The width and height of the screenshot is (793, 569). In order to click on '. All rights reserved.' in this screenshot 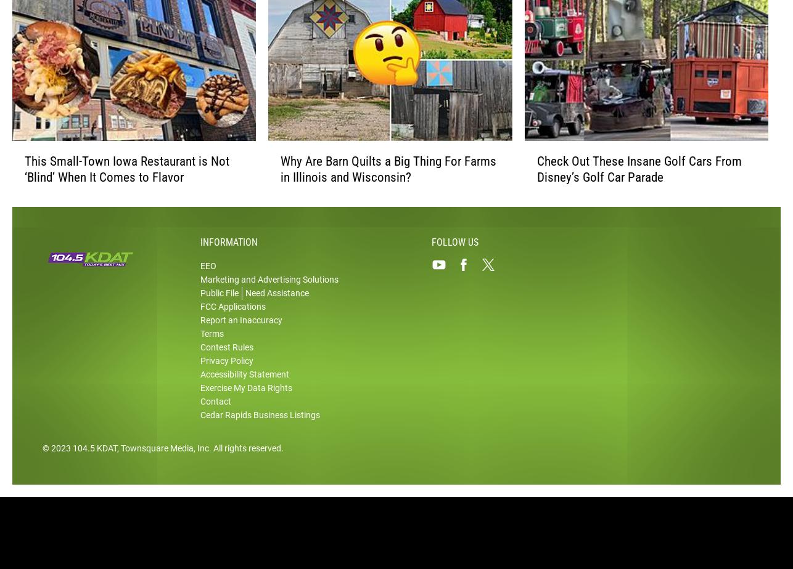, I will do `click(245, 467)`.